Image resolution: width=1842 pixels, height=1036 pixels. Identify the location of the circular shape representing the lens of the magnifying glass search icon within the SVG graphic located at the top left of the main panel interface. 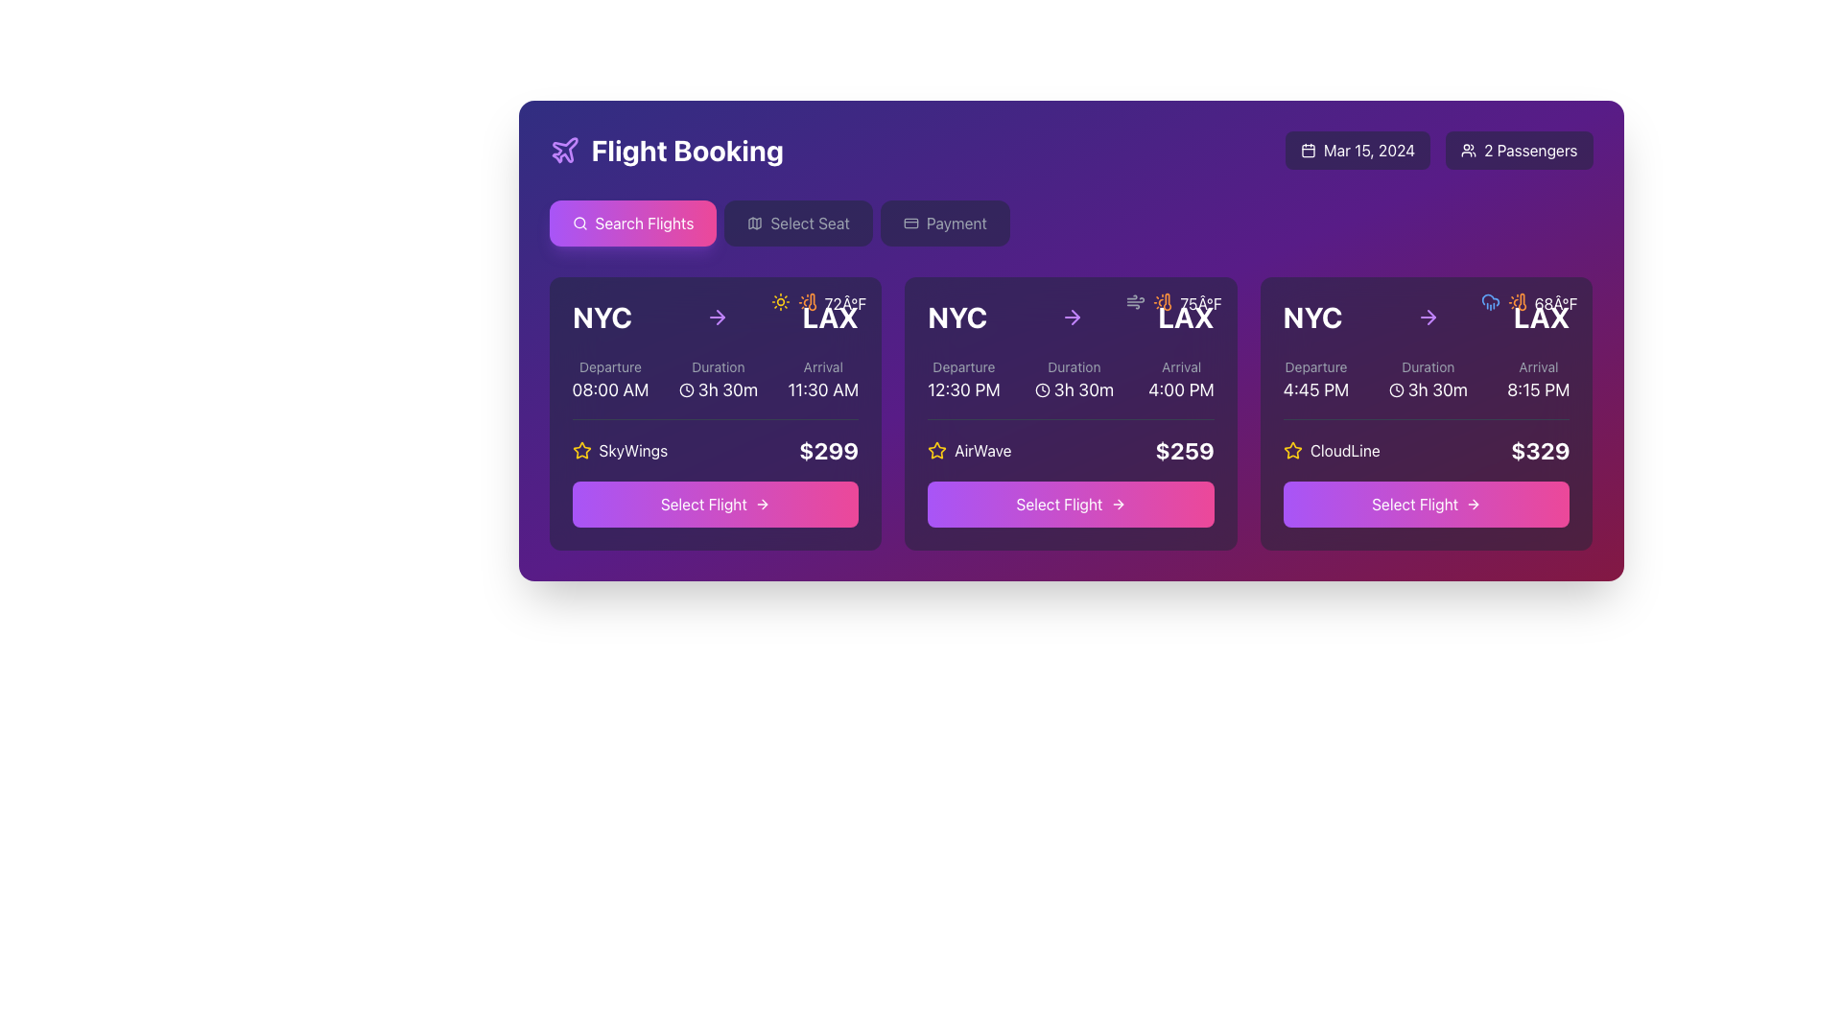
(578, 222).